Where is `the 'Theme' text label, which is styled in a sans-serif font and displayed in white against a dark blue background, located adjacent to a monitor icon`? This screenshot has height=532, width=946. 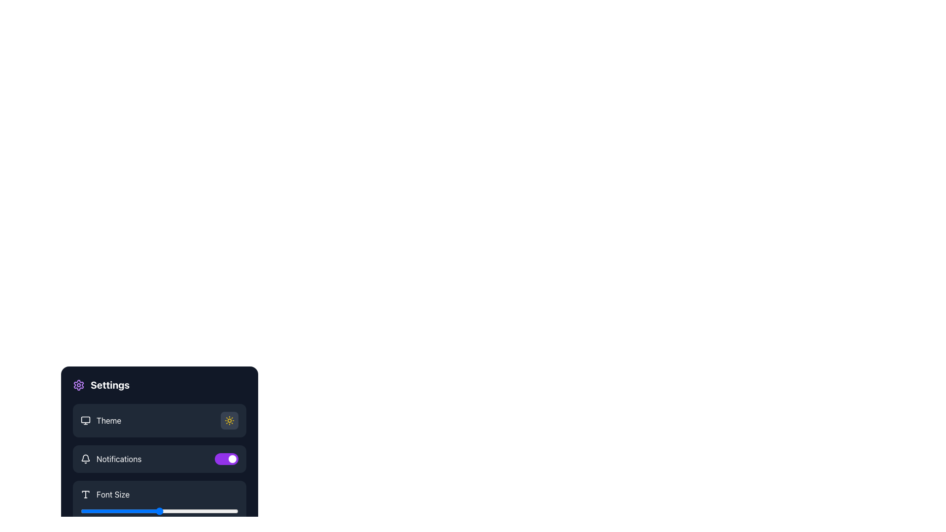
the 'Theme' text label, which is styled in a sans-serif font and displayed in white against a dark blue background, located adjacent to a monitor icon is located at coordinates (109, 420).